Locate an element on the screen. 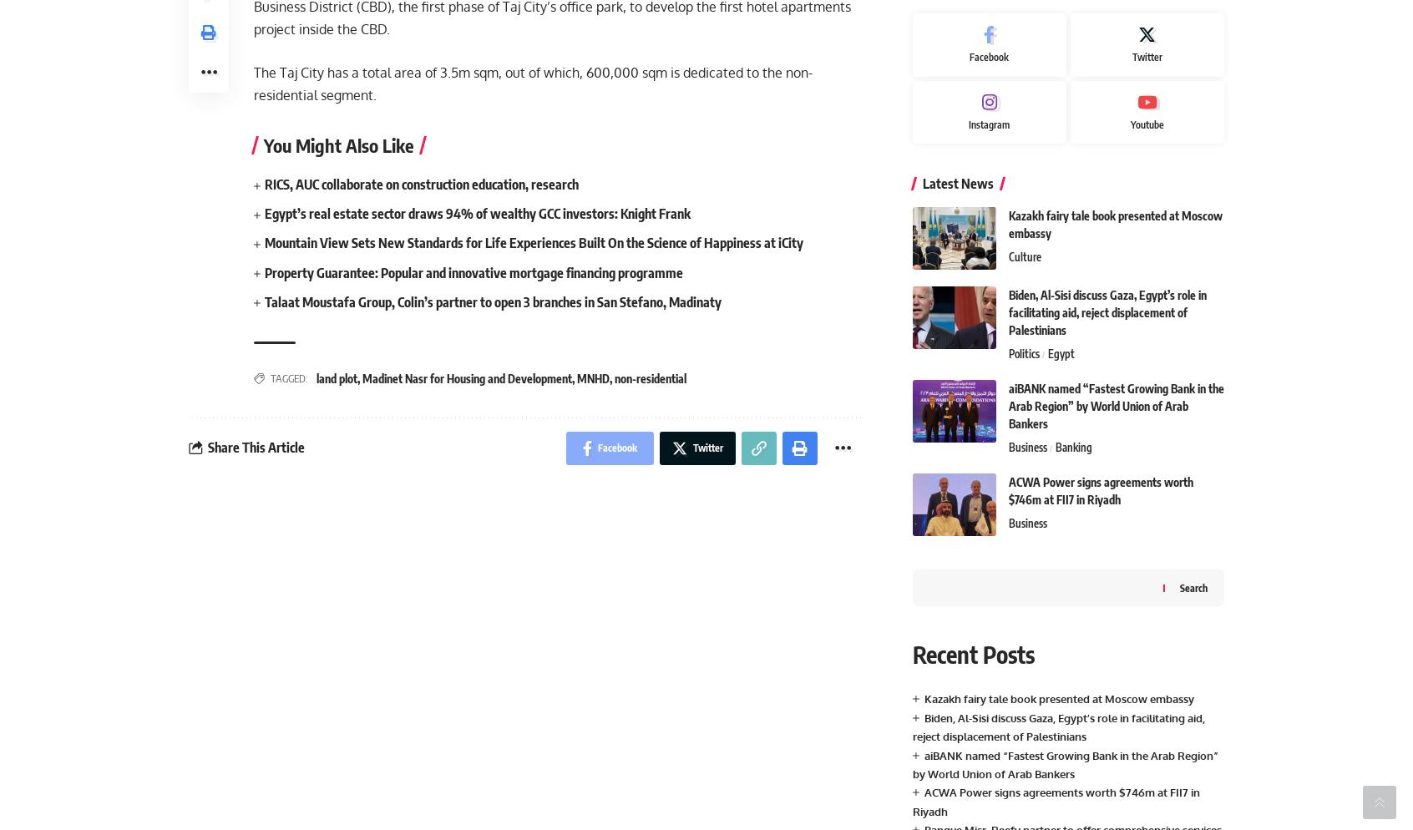 The width and height of the screenshot is (1413, 830). 'Share This Article' is located at coordinates (255, 446).